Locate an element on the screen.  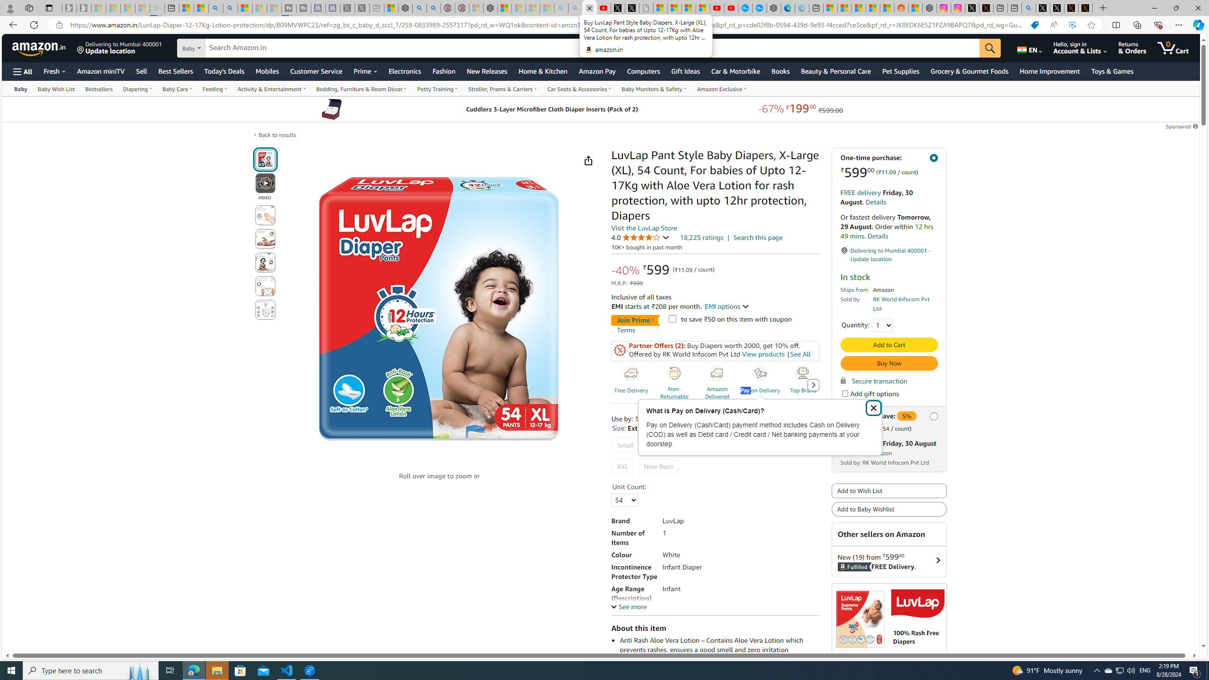
'Gloom - YouTube' is located at coordinates (716, 8).